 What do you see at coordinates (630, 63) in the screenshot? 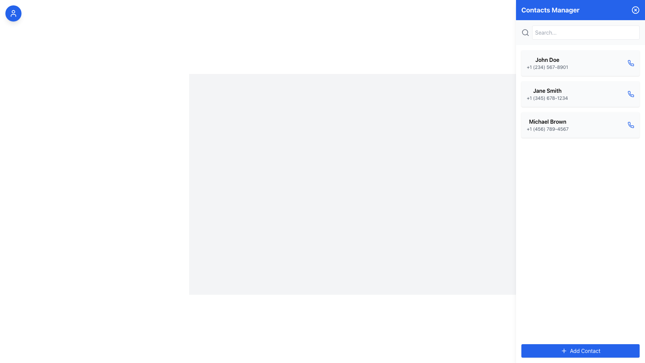
I see `the icon button located at the right end of 'John Doe's entry in the contact list` at bounding box center [630, 63].